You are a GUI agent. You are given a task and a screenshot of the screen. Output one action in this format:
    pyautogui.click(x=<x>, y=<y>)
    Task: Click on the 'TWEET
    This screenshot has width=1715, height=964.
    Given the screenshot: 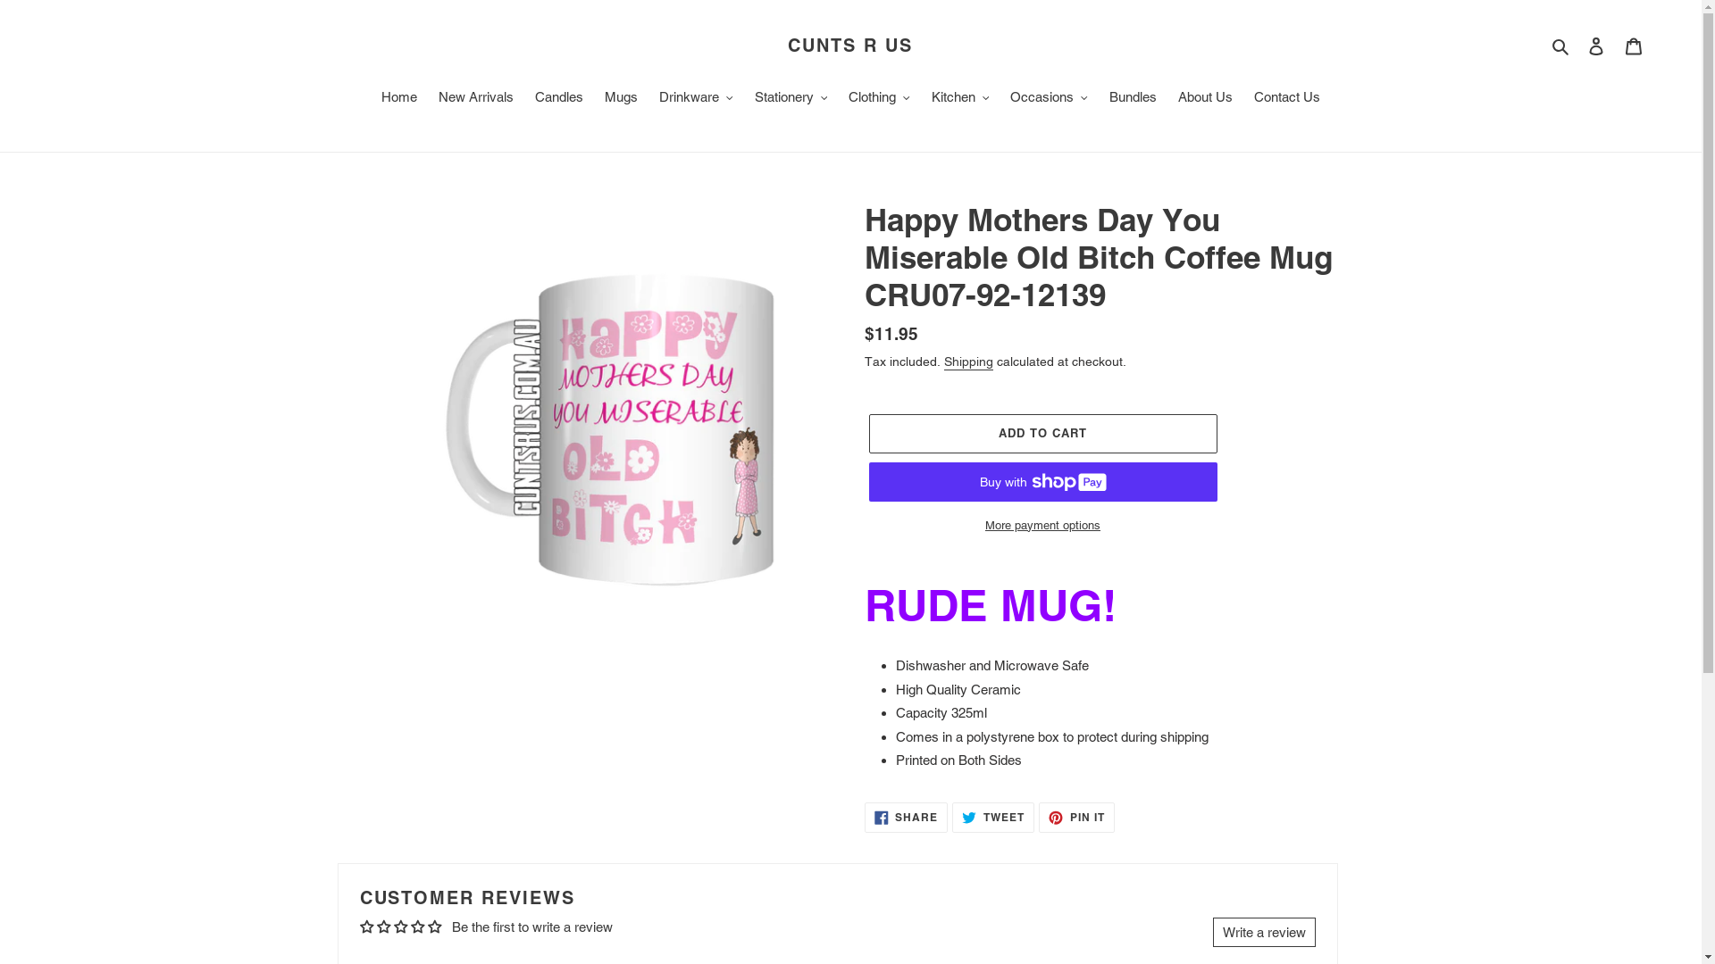 What is the action you would take?
    pyautogui.click(x=992, y=817)
    